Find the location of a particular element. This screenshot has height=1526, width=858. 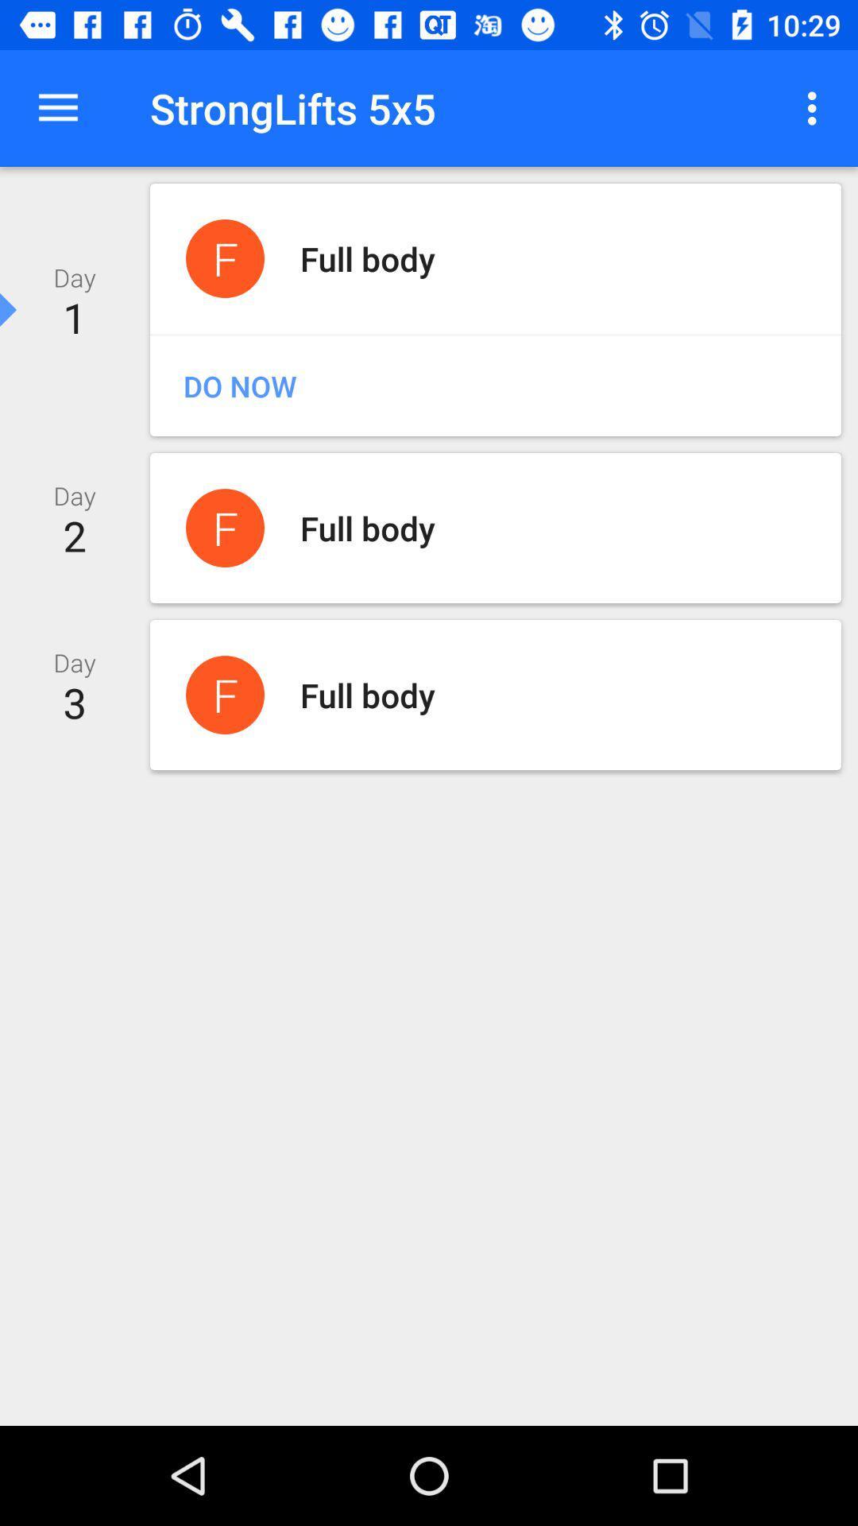

item at the top right corner is located at coordinates (816, 107).